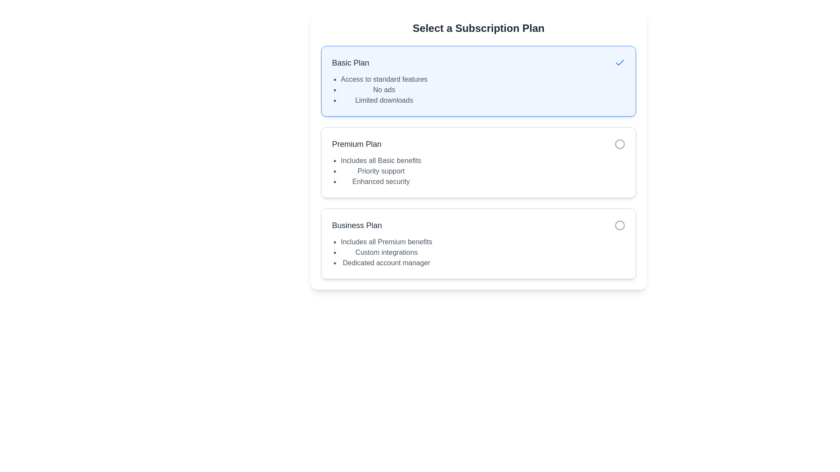 The image size is (840, 472). What do you see at coordinates (384, 79) in the screenshot?
I see `the static text displaying 'Access to standard features', which is the first bullet point under the 'Basic Plan' section in the subscription plan options` at bounding box center [384, 79].